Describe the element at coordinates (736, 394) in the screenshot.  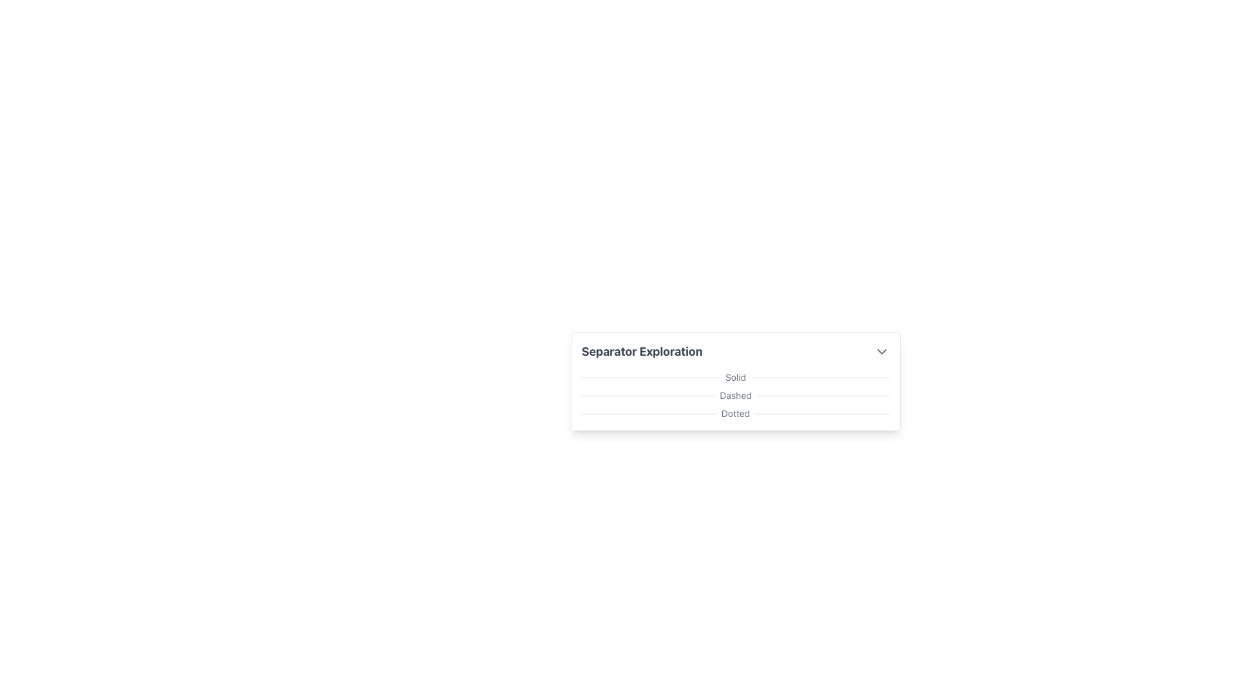
I see `the text label displaying the word 'Dashed' in gray color, which is centrally positioned between two dashed horizontal lines` at that location.